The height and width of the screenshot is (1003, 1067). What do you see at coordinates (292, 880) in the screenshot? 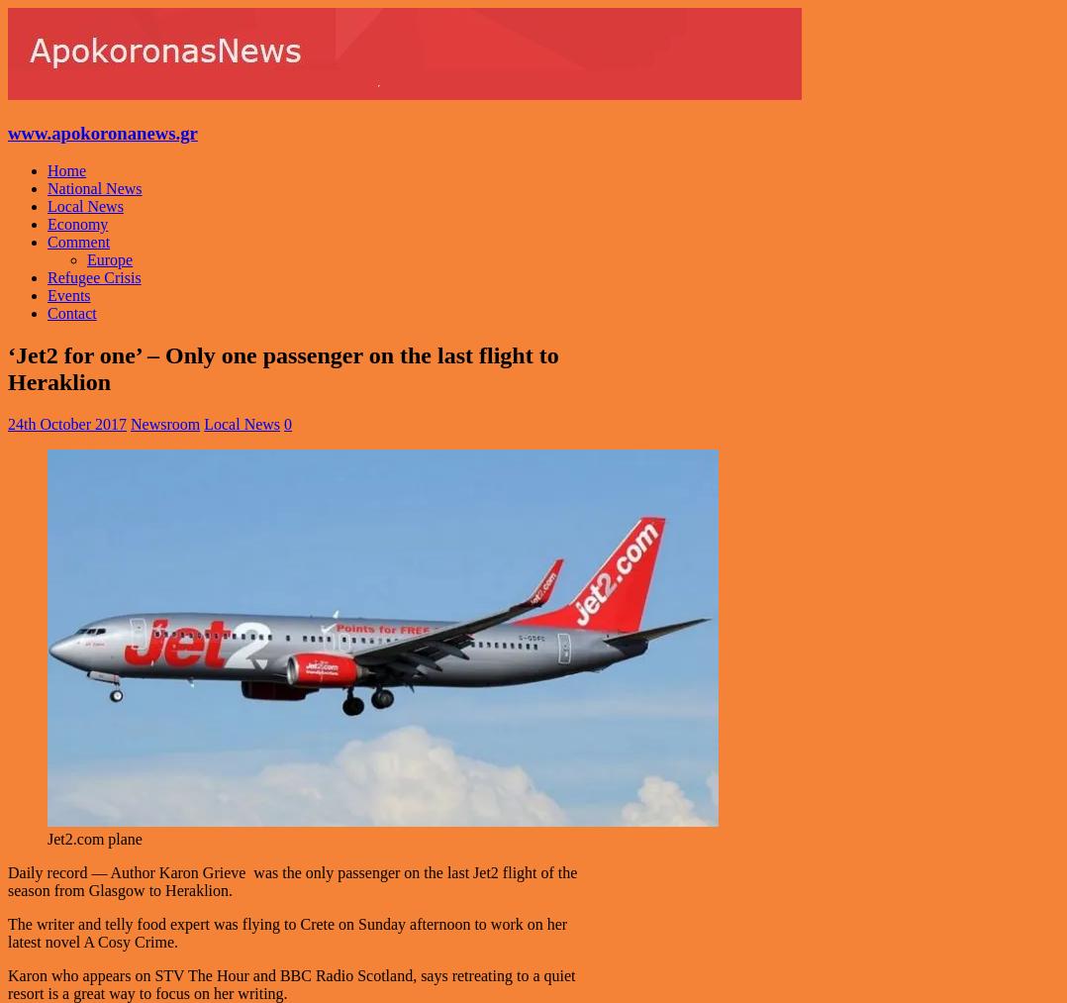
I see `'Daily record — Author Karon Grieve  was the only passenger on the last Jet2 flight of the season from Glasgow to Heraklion.'` at bounding box center [292, 880].